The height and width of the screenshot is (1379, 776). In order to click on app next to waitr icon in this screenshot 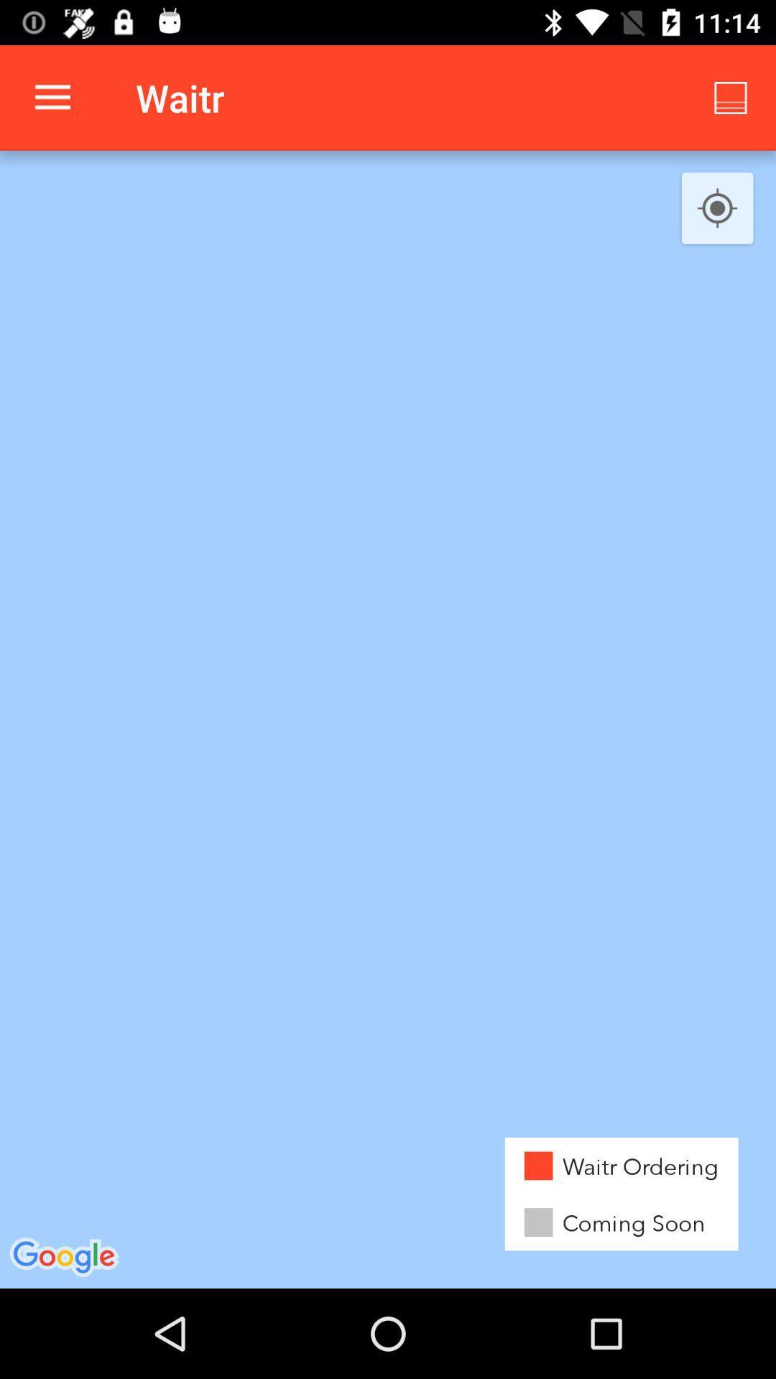, I will do `click(731, 97)`.